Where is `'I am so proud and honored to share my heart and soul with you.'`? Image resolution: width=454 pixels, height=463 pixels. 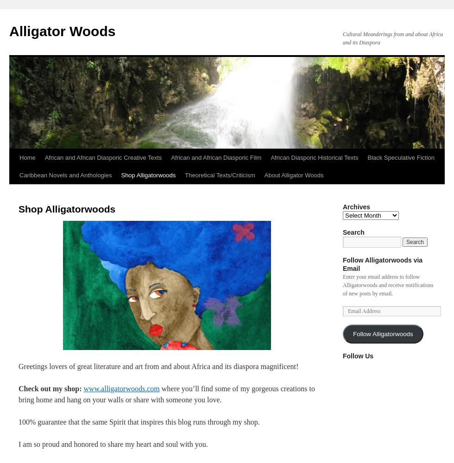
'I am so proud and honored to share my heart and soul with you.' is located at coordinates (113, 444).